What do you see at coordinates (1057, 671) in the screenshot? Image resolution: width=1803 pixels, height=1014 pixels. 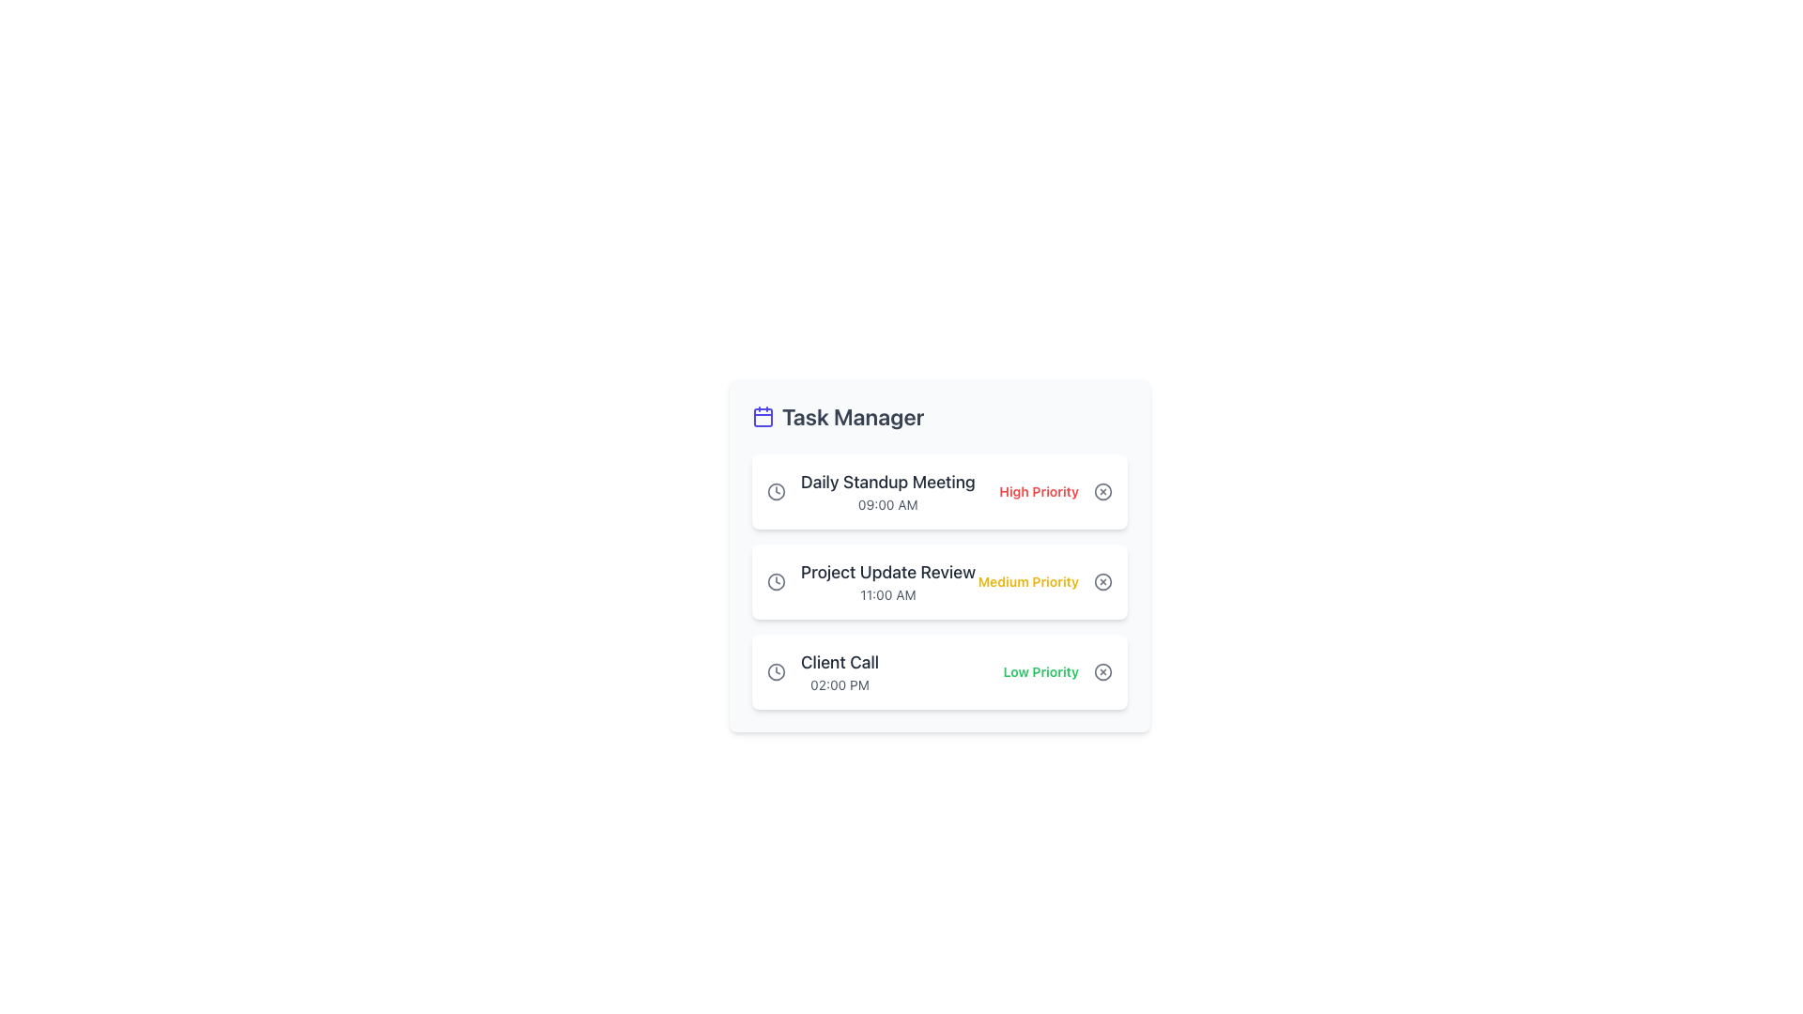 I see `the text label that reads 'Low Priority', which is styled with a green font color and bold text weight, located to the right of the task time label '02:00 PM' and to the left of a circular icon with an 'X' mark in the 'Task Manager' list` at bounding box center [1057, 671].